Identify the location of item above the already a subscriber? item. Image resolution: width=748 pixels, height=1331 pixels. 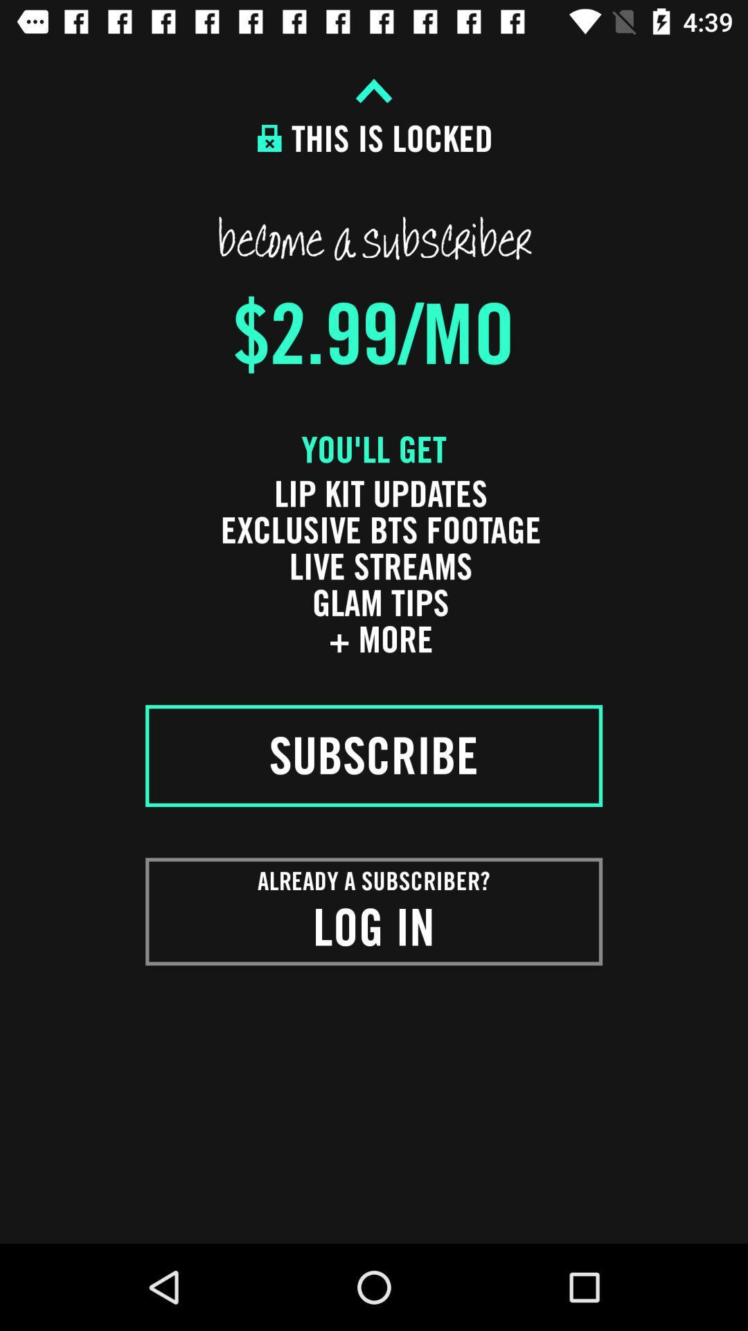
(374, 755).